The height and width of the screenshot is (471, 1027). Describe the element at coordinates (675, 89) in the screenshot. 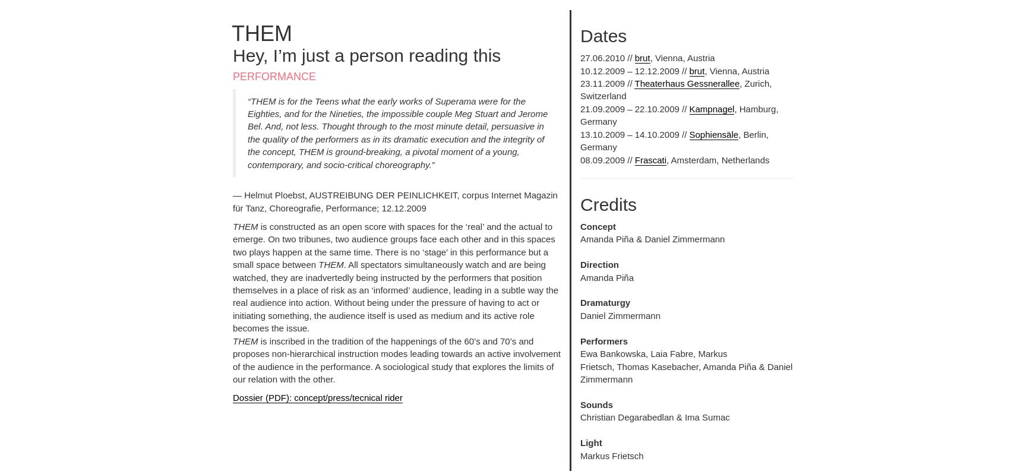

I see `', Zurich, Switzerland'` at that location.